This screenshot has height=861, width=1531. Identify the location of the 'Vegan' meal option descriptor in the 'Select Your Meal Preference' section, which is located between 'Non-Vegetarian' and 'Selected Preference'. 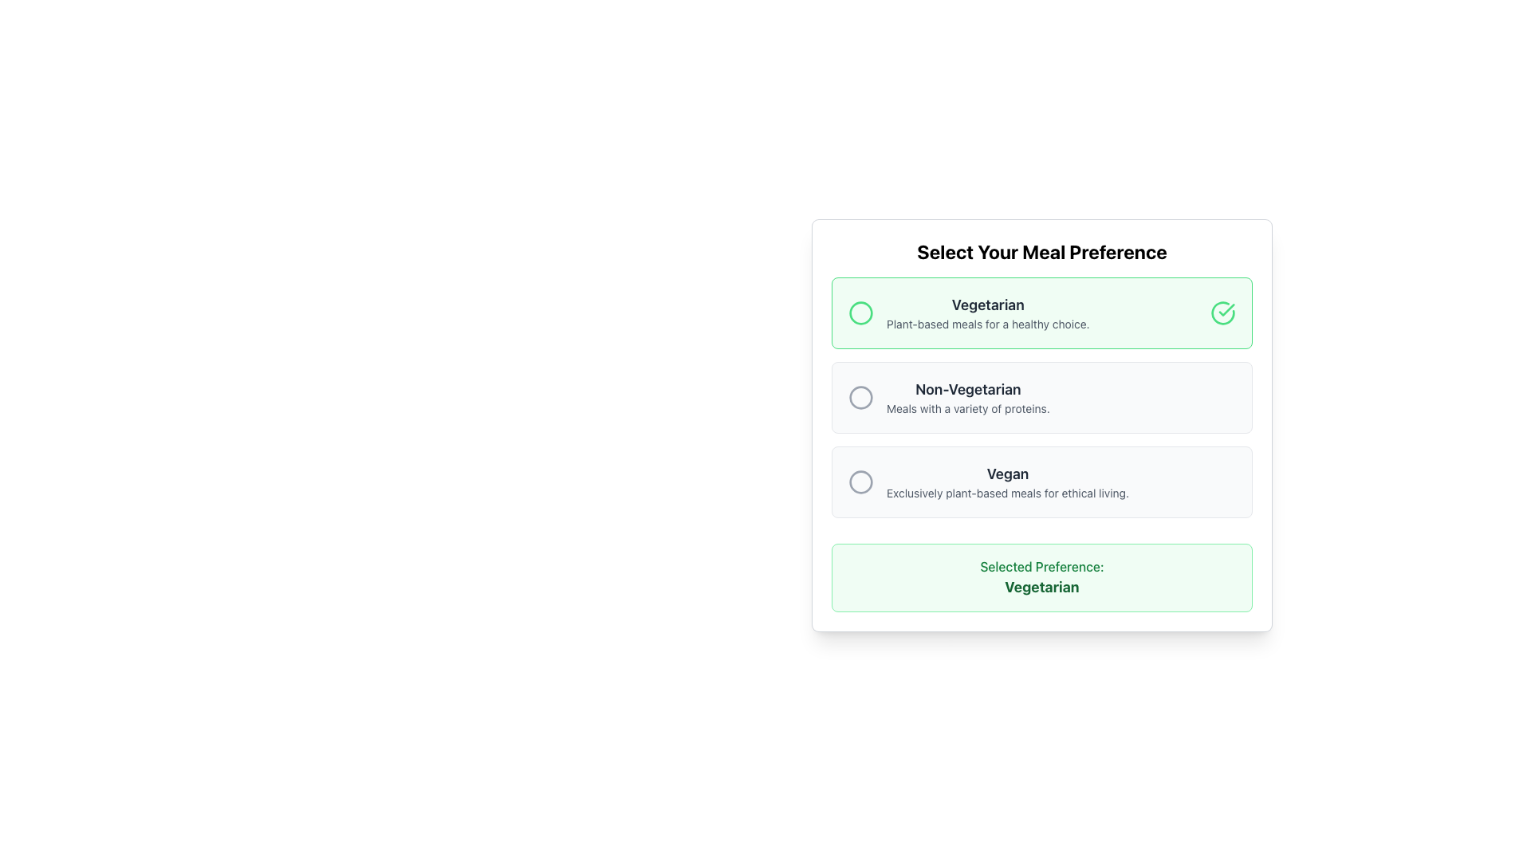
(1006, 482).